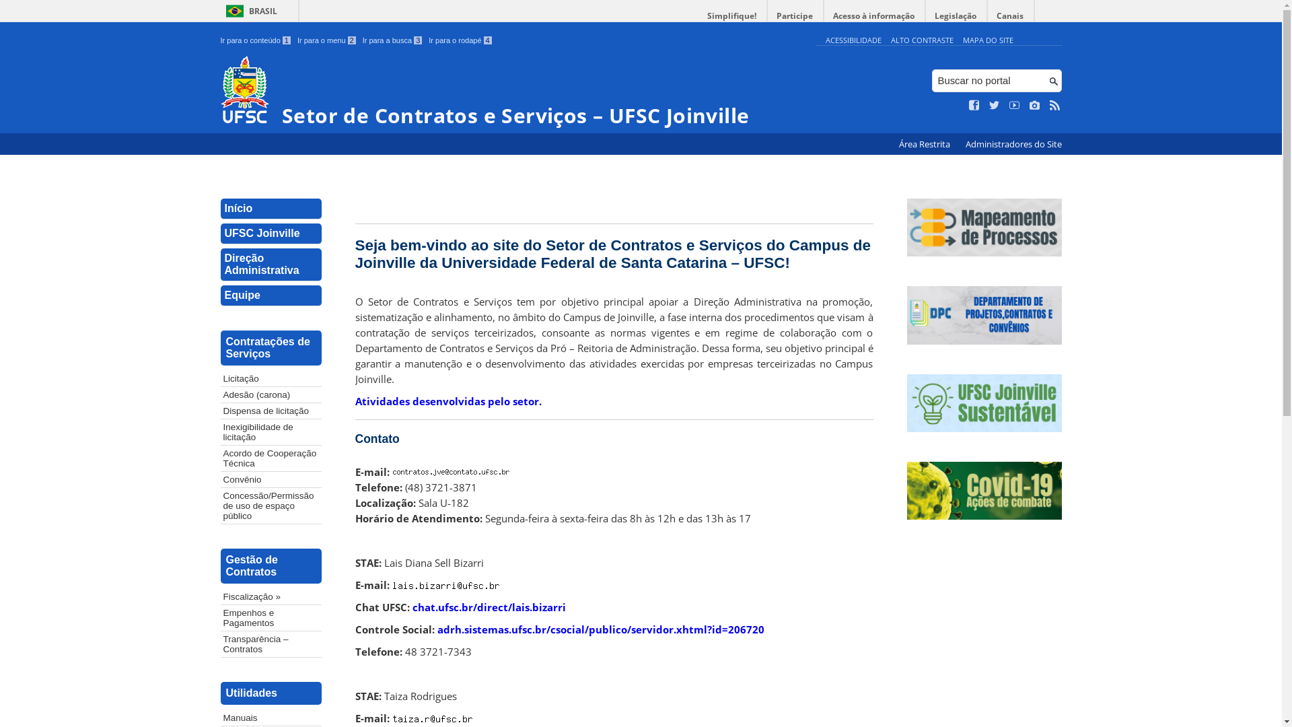  Describe the element at coordinates (271, 295) in the screenshot. I see `'Equipe'` at that location.